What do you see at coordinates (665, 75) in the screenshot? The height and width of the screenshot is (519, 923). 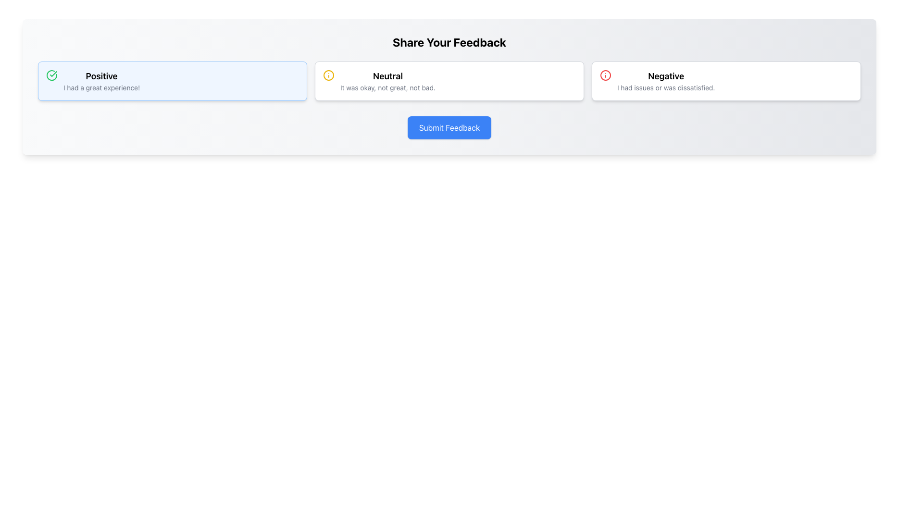 I see `the 'Negative' feedback text label, which indicates dissatisfaction and is located on the far right among three feedback options` at bounding box center [665, 75].